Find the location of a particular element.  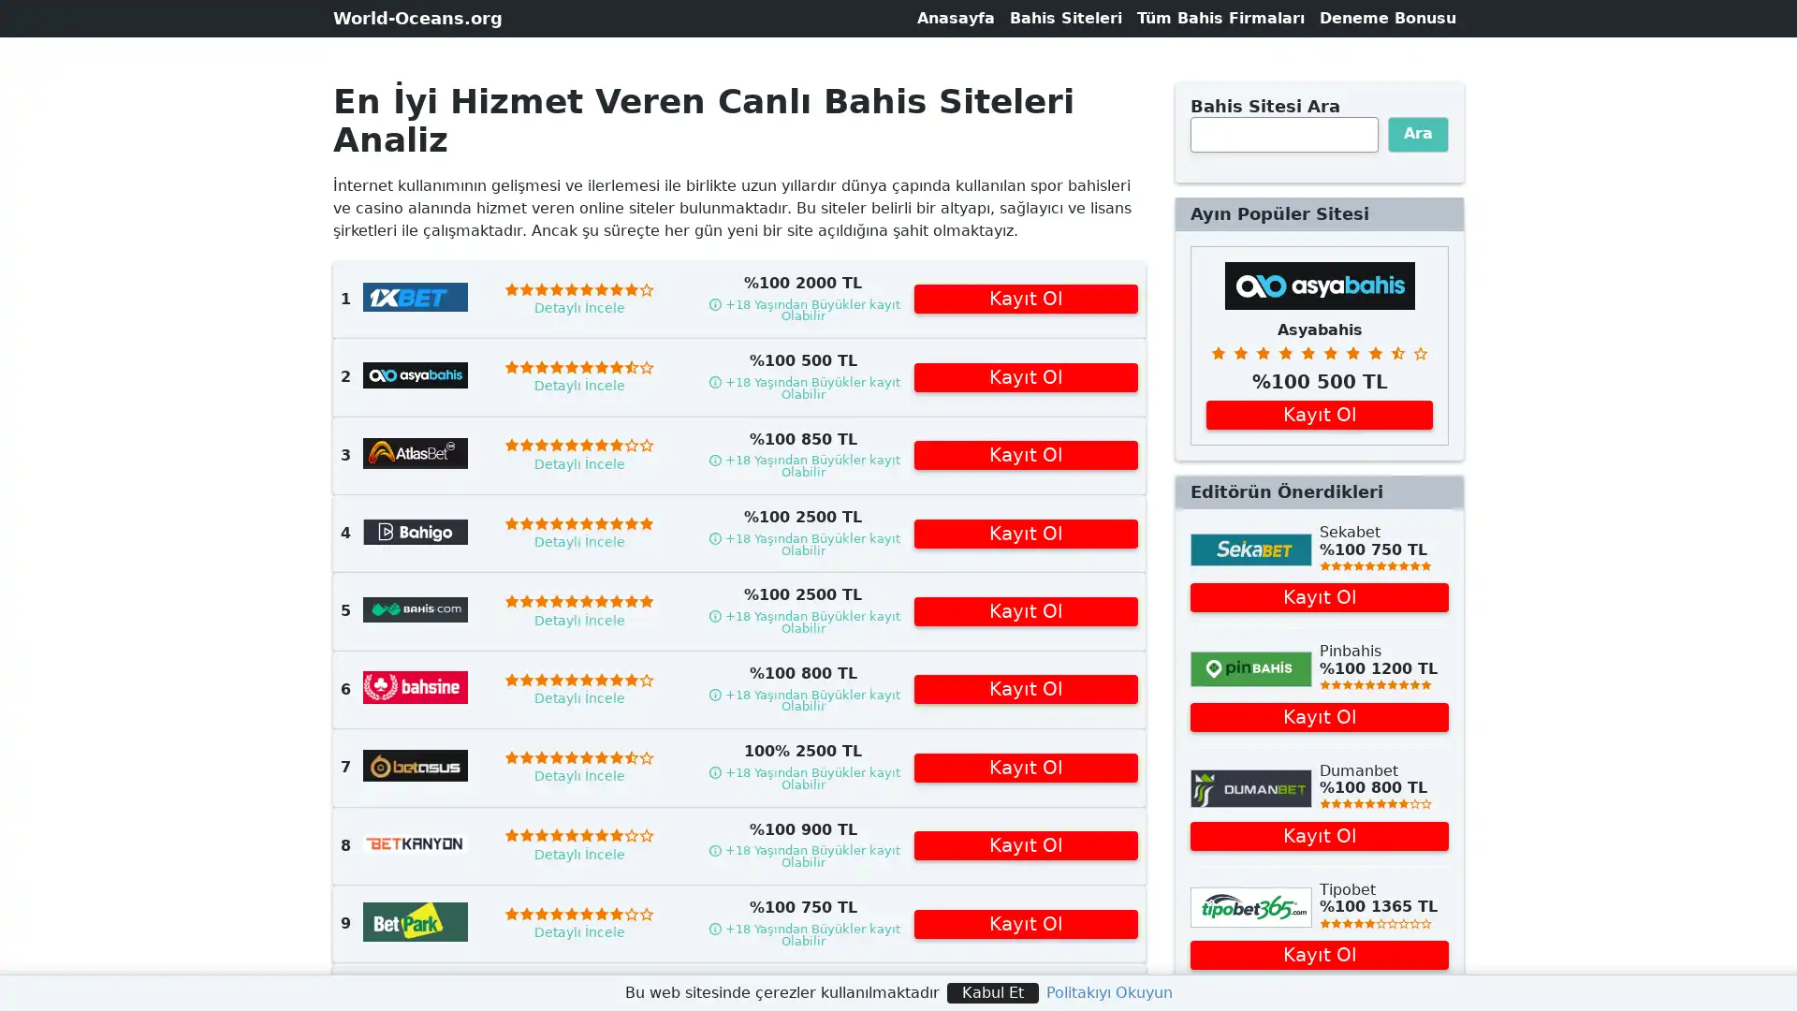

Load terms and conditions is located at coordinates (802, 464).